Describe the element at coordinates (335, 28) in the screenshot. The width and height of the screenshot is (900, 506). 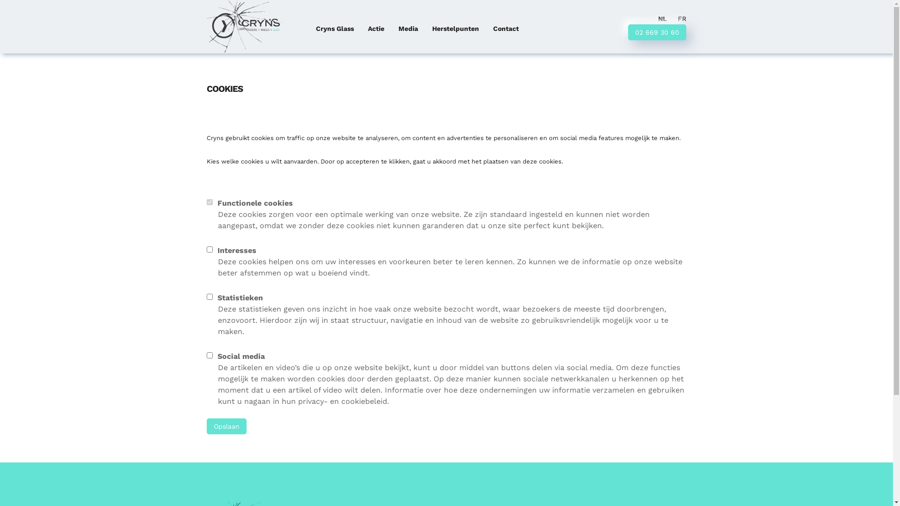
I see `'Cryns Glass'` at that location.